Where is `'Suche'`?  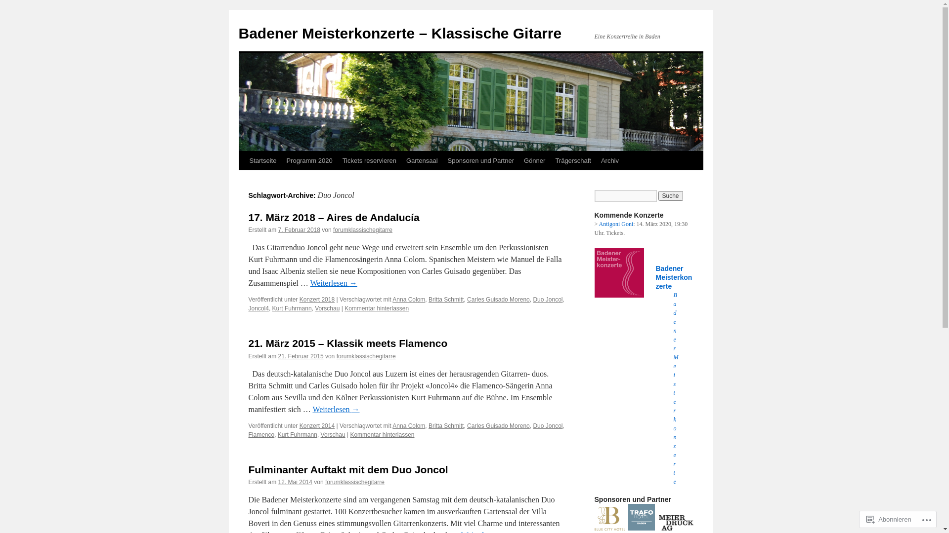 'Suche' is located at coordinates (671, 196).